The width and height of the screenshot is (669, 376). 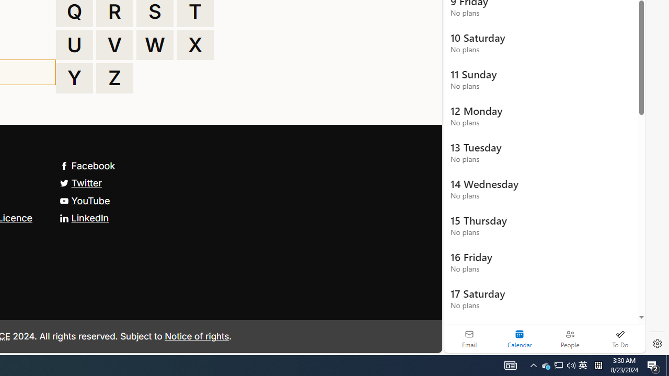 I want to click on 'W', so click(x=154, y=44).